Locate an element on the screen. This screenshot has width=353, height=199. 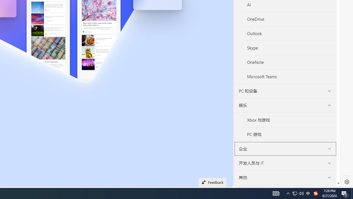
'OneDrive' is located at coordinates (289, 19).